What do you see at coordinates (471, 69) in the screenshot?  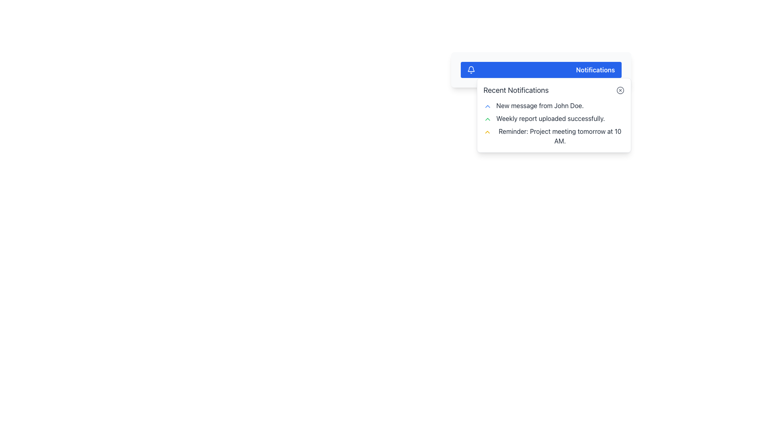 I see `the bell-shaped icon with a blue background located at the top-left of the notification dropdown` at bounding box center [471, 69].